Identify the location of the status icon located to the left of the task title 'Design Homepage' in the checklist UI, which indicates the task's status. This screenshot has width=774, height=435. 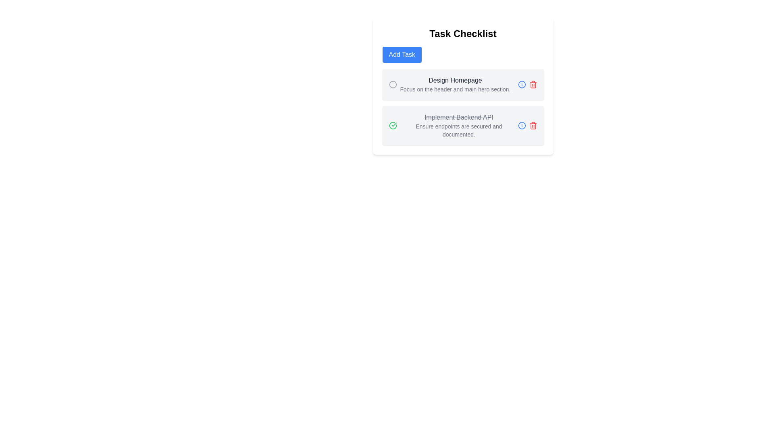
(393, 84).